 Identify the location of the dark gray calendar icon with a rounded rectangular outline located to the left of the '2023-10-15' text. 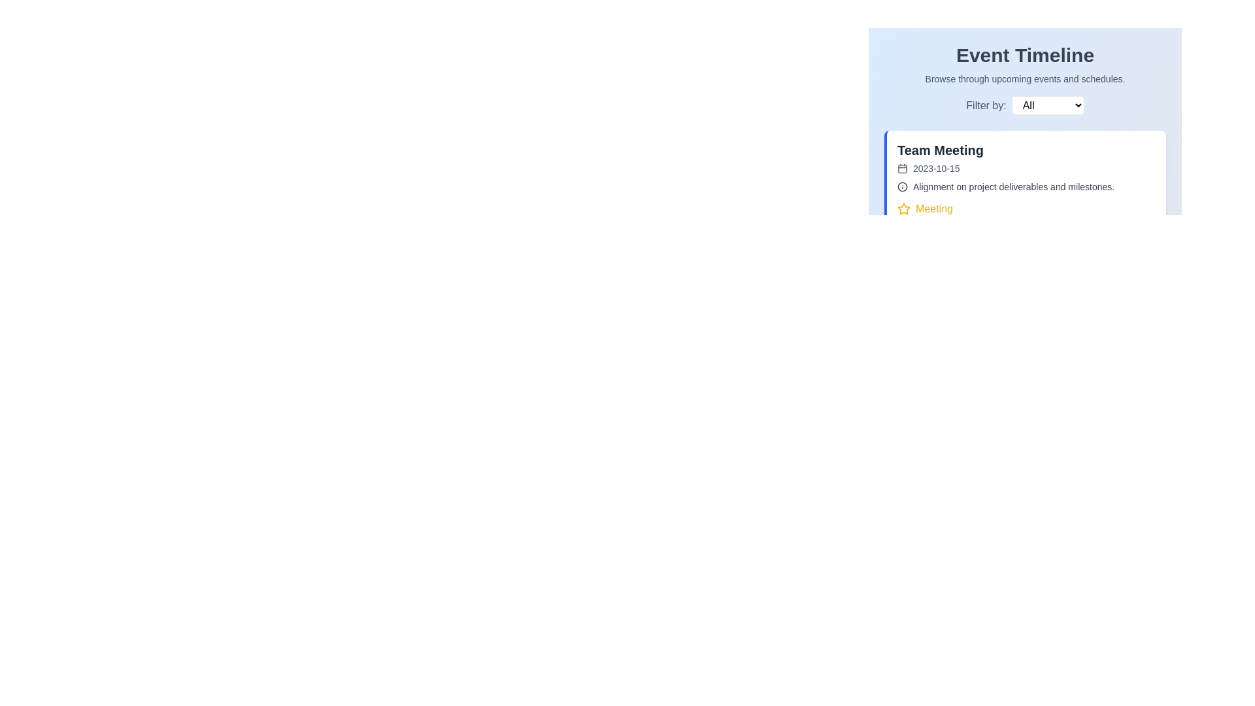
(902, 168).